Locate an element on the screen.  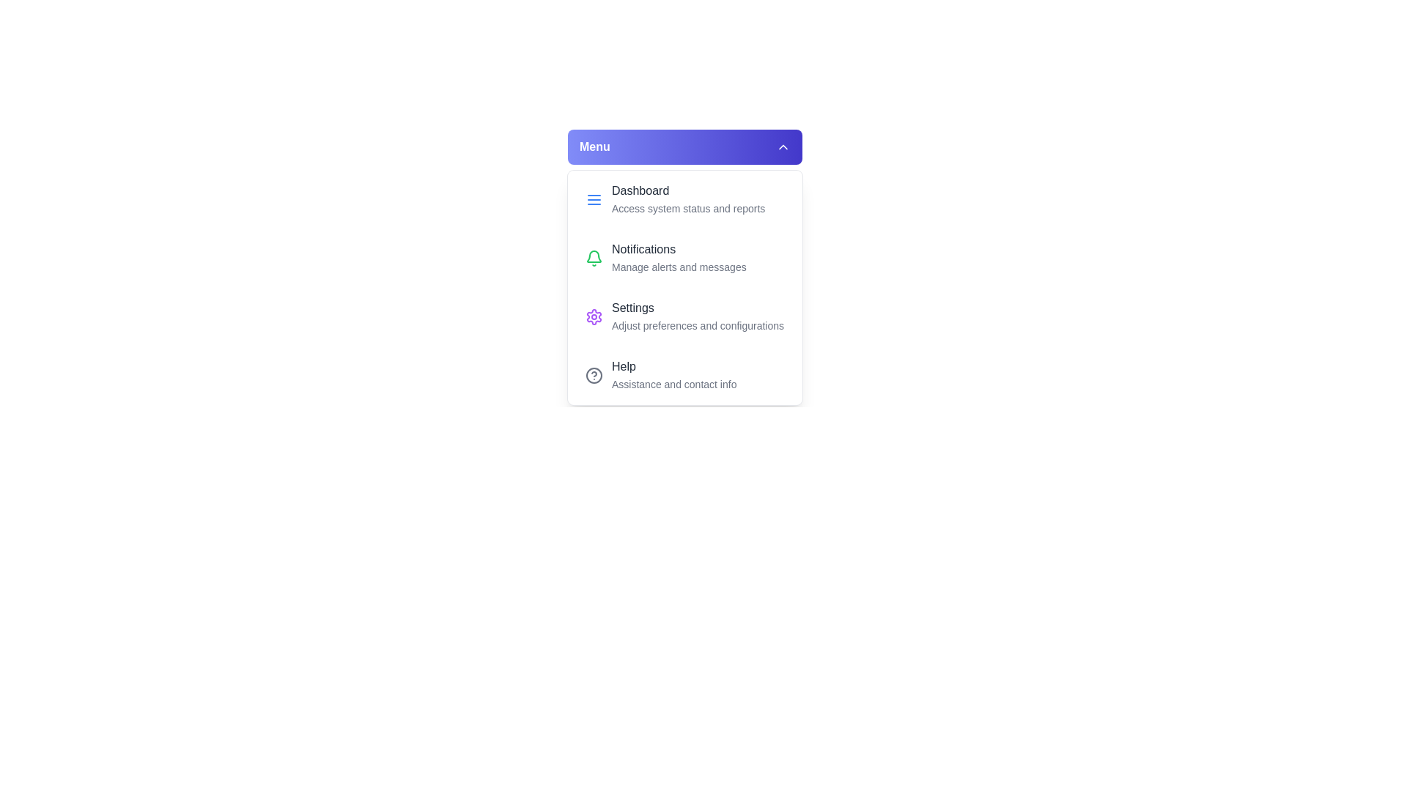
the settings button located in the dropdown menu, positioned below the 'Notifications' item and above the 'Help' item is located at coordinates (684, 316).